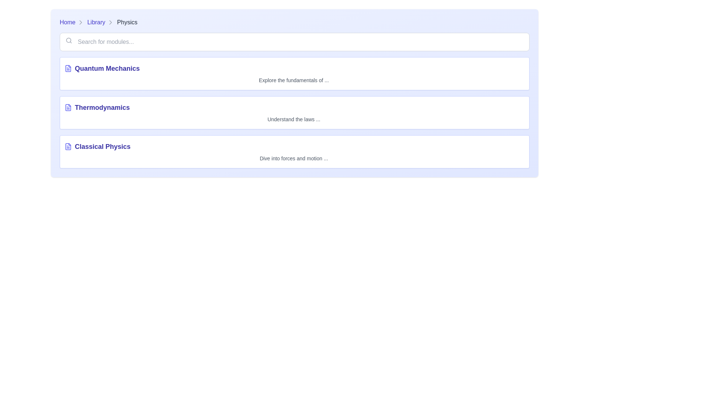 This screenshot has height=398, width=708. I want to click on the third item in the breadcrumb navigation, which indicates the current section and follows 'Home' and 'Library', so click(127, 22).